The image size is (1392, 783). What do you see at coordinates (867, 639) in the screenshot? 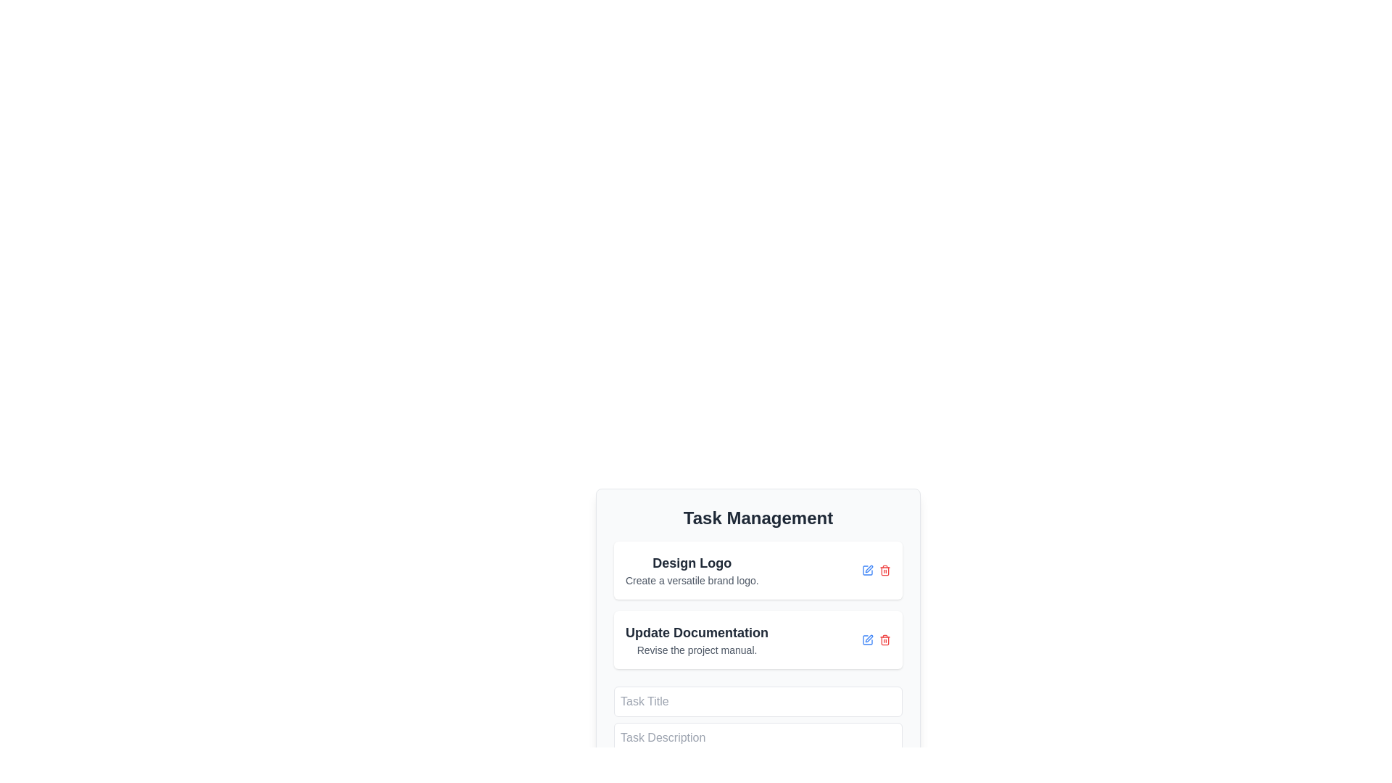
I see `the edit icon button located in the 'Task Management' section next to the red delete icon to initiate task edit for 'Update Documentation'` at bounding box center [867, 639].